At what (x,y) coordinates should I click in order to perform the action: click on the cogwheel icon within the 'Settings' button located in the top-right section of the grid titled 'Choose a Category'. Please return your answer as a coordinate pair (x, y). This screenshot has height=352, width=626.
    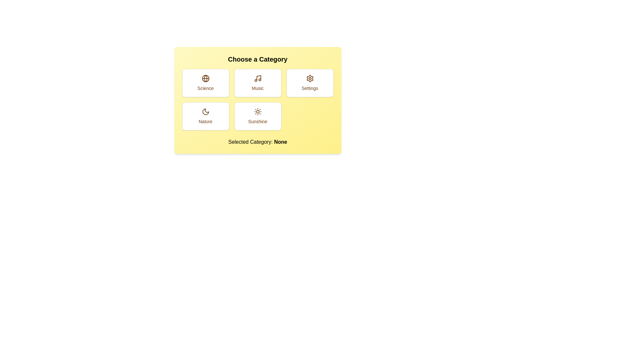
    Looking at the image, I should click on (309, 78).